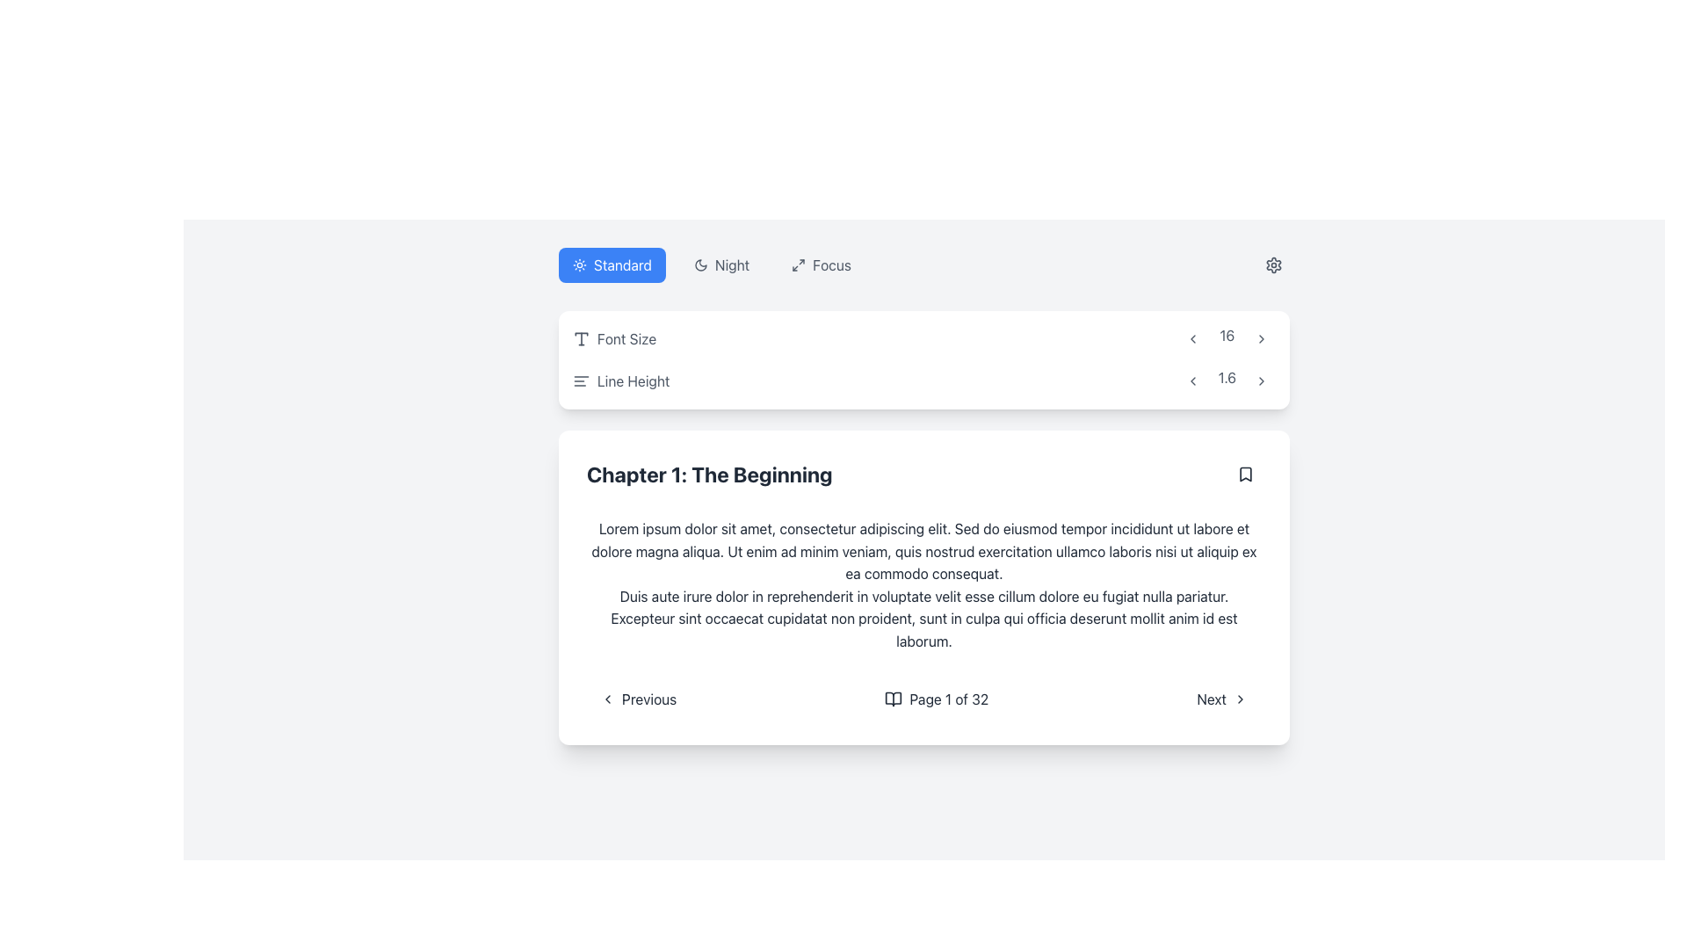 This screenshot has width=1687, height=949. I want to click on the moon-shaped icon representing the night mode toggle located in the top-center section of the interface, so click(699, 264).